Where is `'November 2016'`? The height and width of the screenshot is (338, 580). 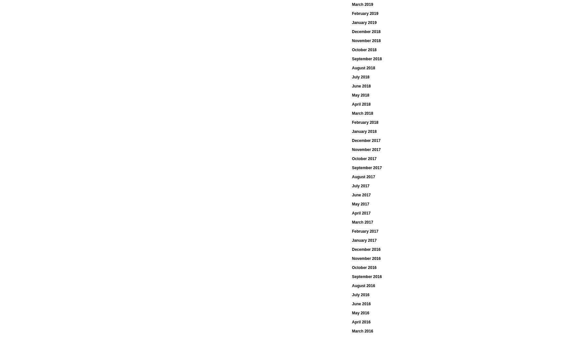
'November 2016' is located at coordinates (366, 258).